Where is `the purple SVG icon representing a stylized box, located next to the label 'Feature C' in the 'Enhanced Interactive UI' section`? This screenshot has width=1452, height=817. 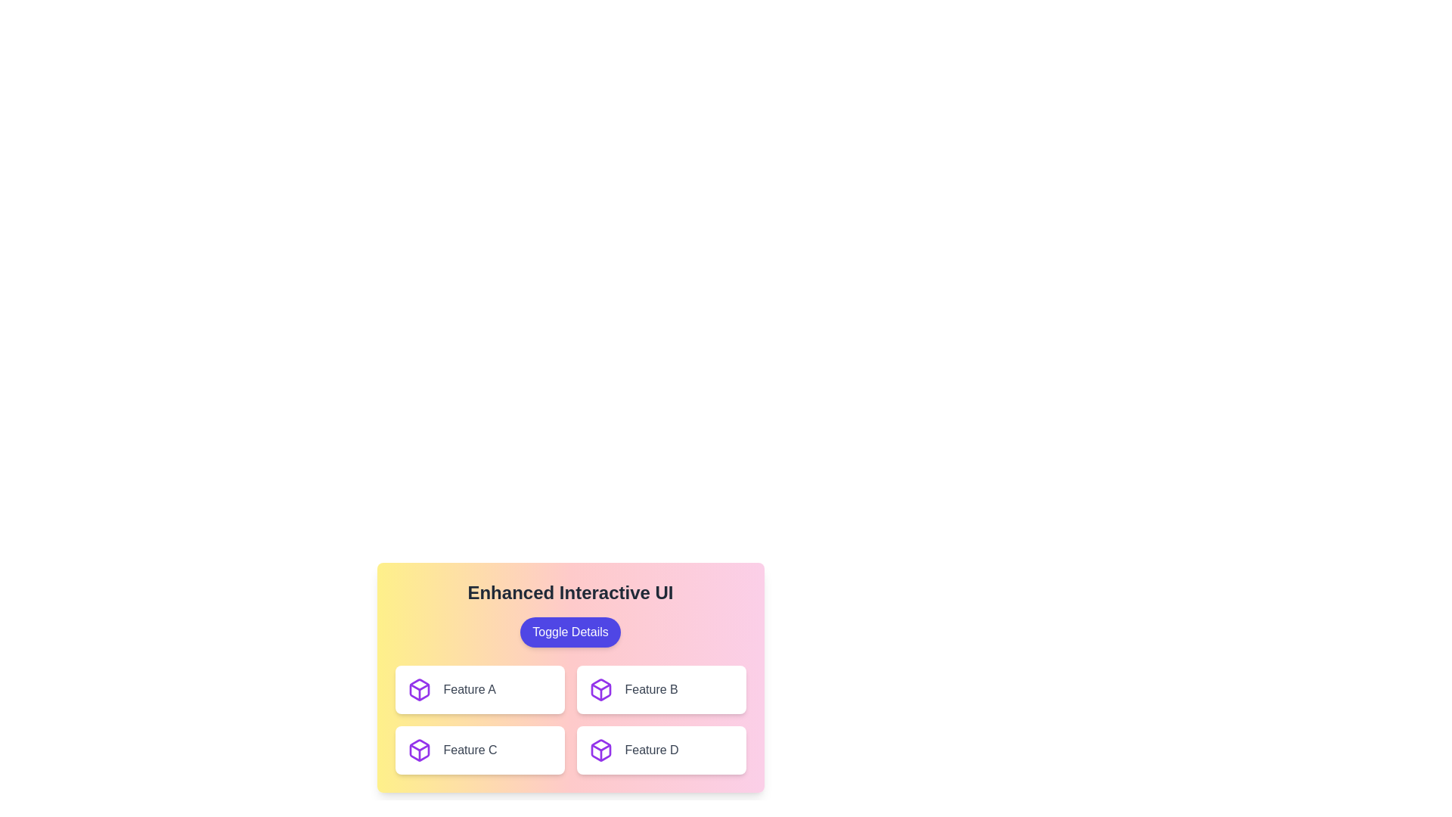
the purple SVG icon representing a stylized box, located next to the label 'Feature C' in the 'Enhanced Interactive UI' section is located at coordinates (419, 750).